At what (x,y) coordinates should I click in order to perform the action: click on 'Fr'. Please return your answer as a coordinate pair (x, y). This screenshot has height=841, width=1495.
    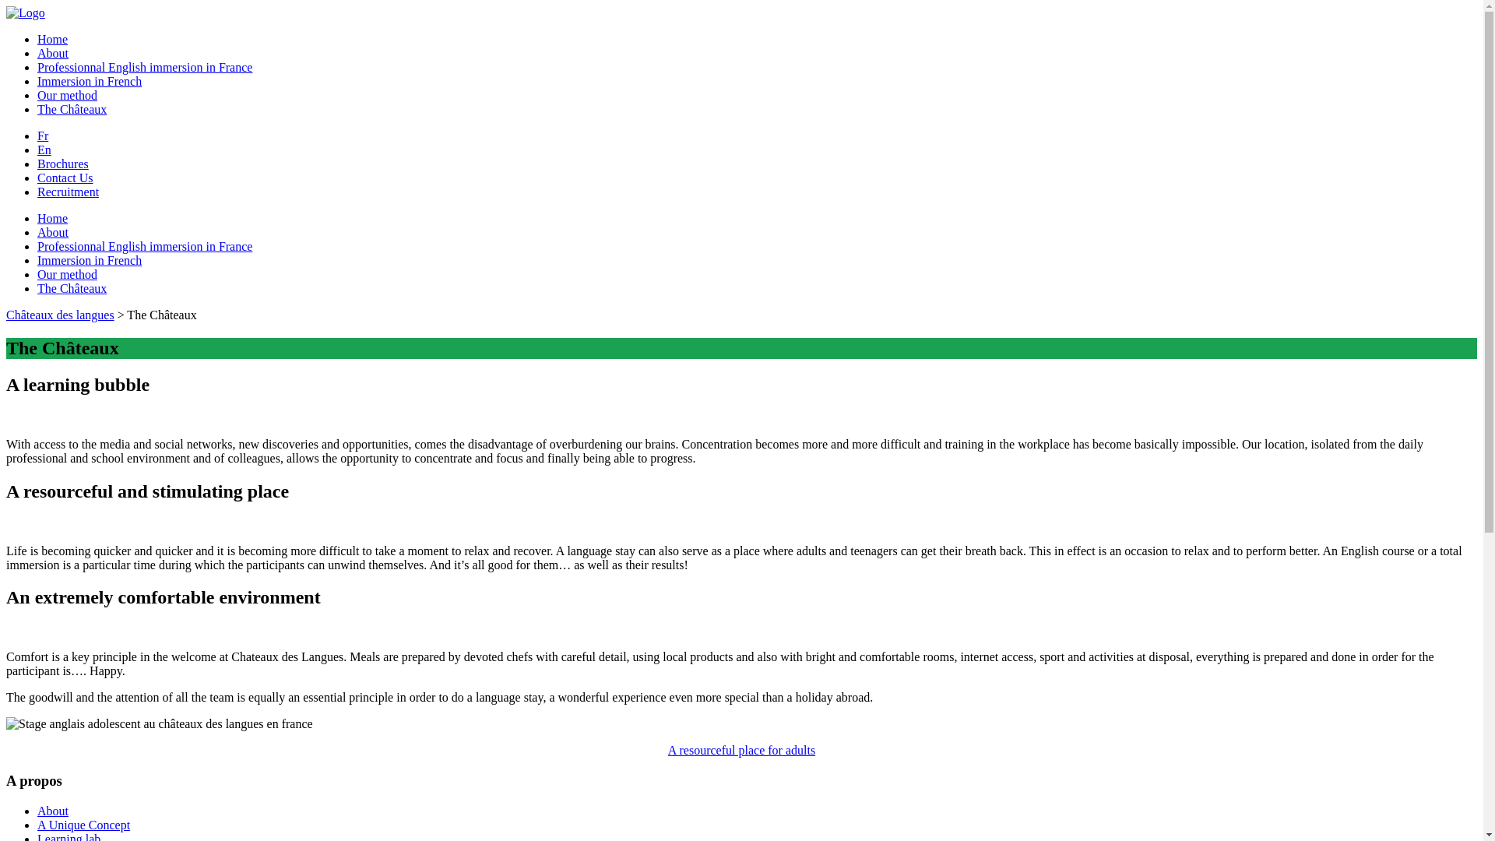
    Looking at the image, I should click on (42, 135).